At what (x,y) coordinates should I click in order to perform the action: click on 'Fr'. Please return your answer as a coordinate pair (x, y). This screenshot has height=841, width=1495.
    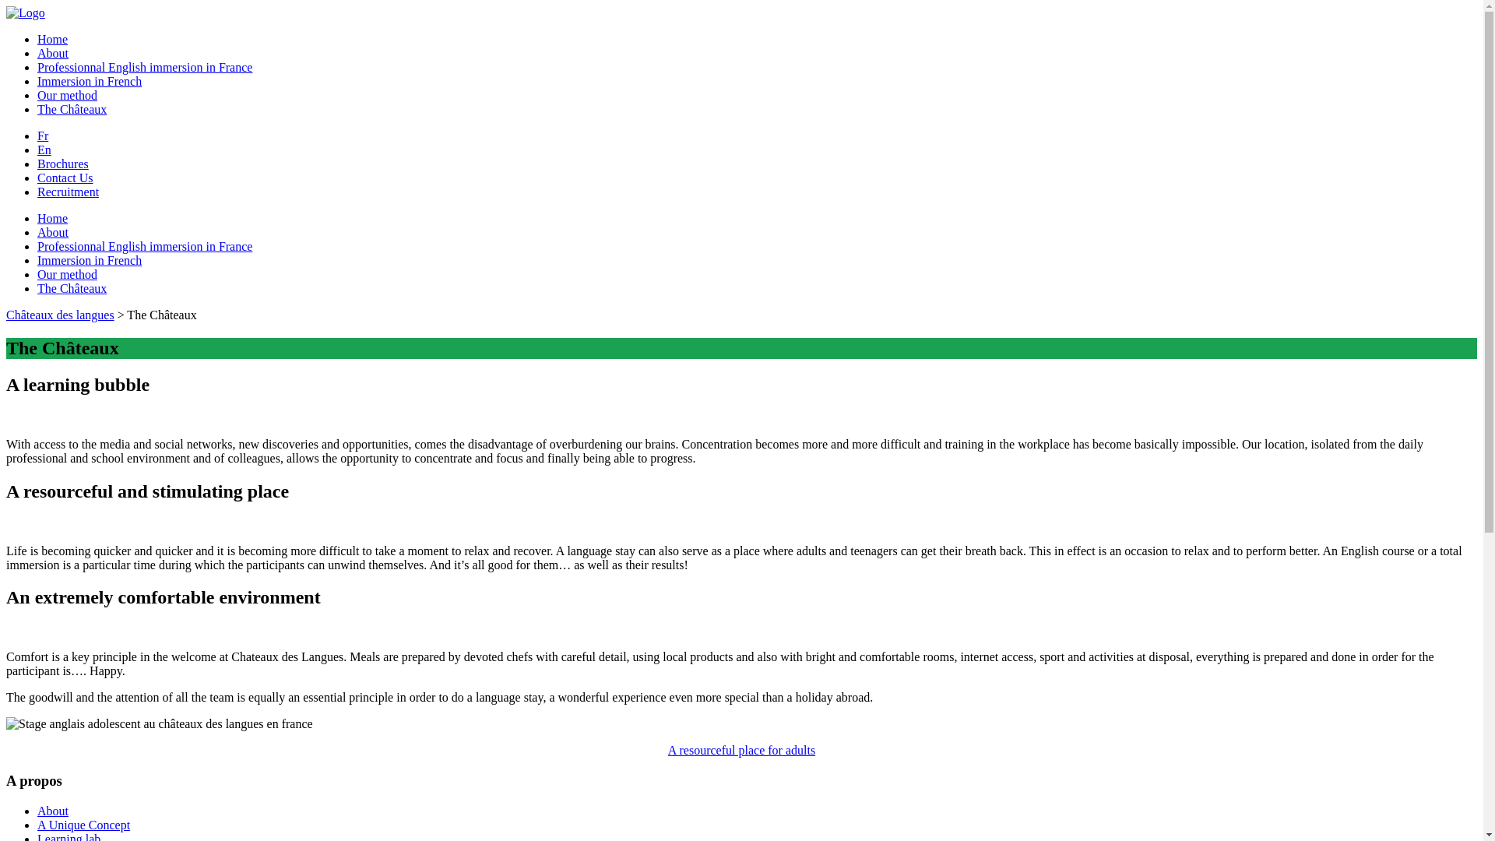
    Looking at the image, I should click on (42, 135).